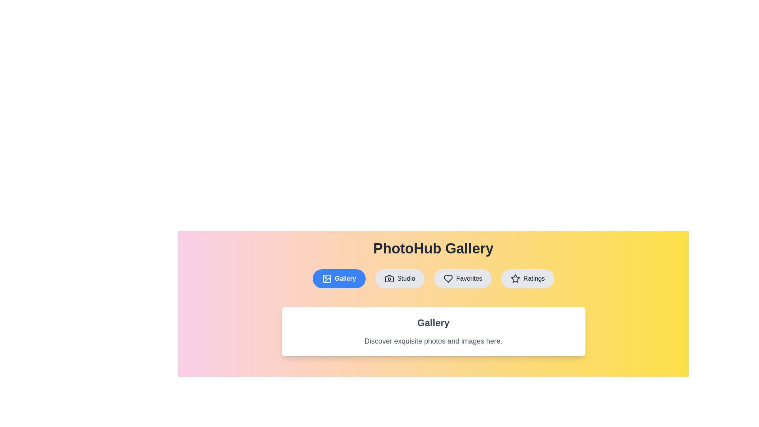 The image size is (759, 427). Describe the element at coordinates (400, 278) in the screenshot. I see `the tab labeled Studio to switch to the corresponding view` at that location.